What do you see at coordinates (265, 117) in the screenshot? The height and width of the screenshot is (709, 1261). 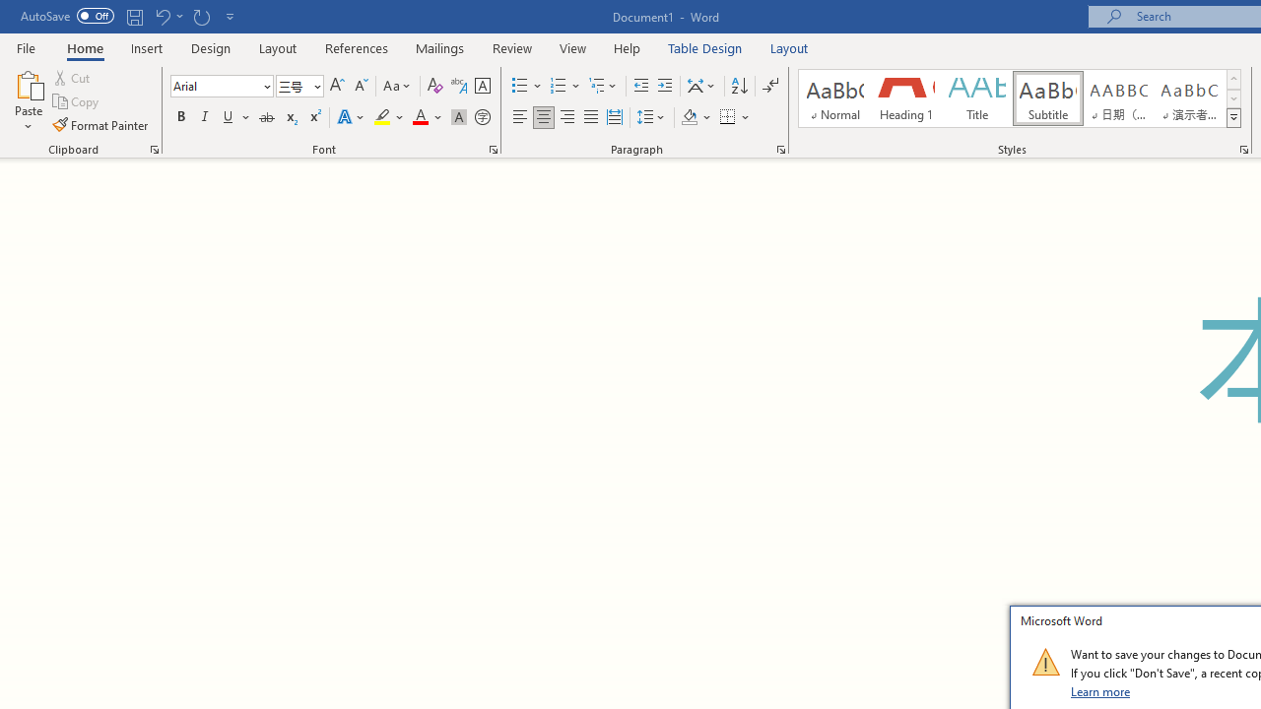 I see `'Strikethrough'` at bounding box center [265, 117].